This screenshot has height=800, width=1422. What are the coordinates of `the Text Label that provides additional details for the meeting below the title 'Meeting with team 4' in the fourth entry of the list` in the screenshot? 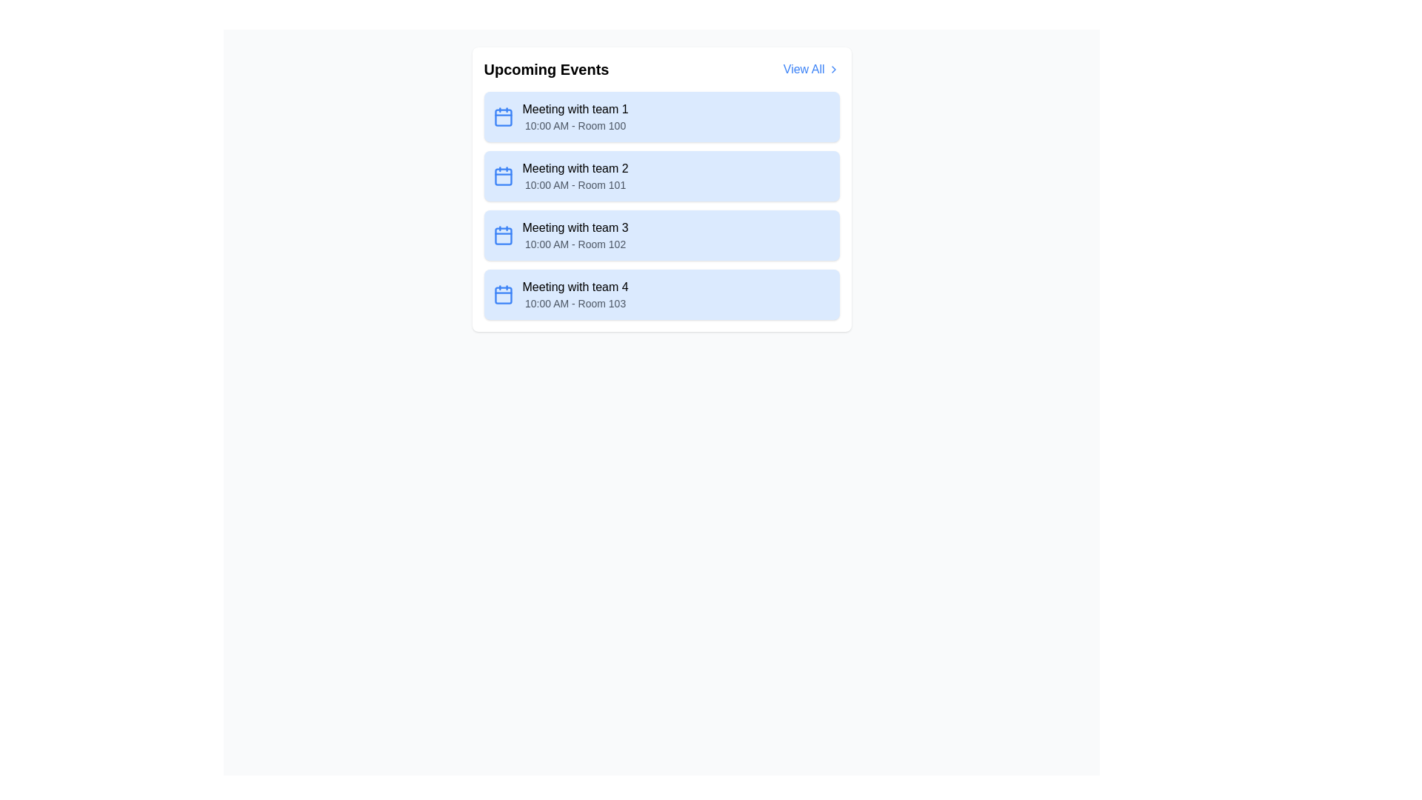 It's located at (575, 302).